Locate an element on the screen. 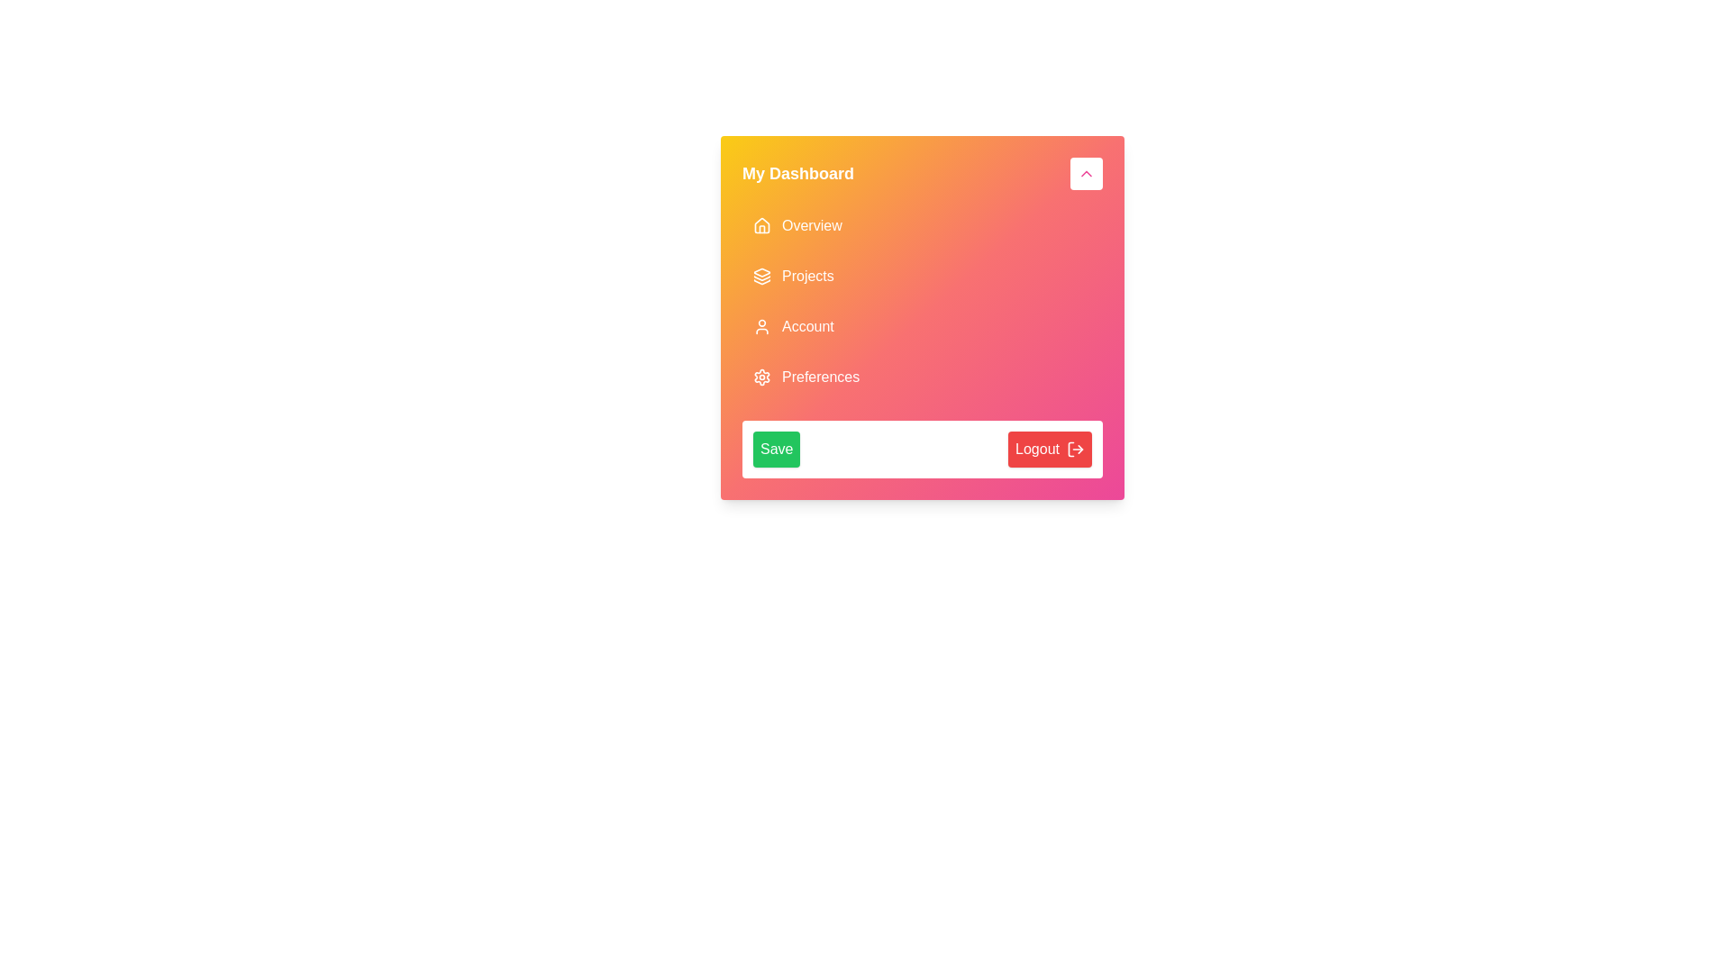 The image size is (1730, 973). the 'Overview' button with a gradient orange-to-pink background located in the vertical menu on the left side of the interface is located at coordinates (922, 224).